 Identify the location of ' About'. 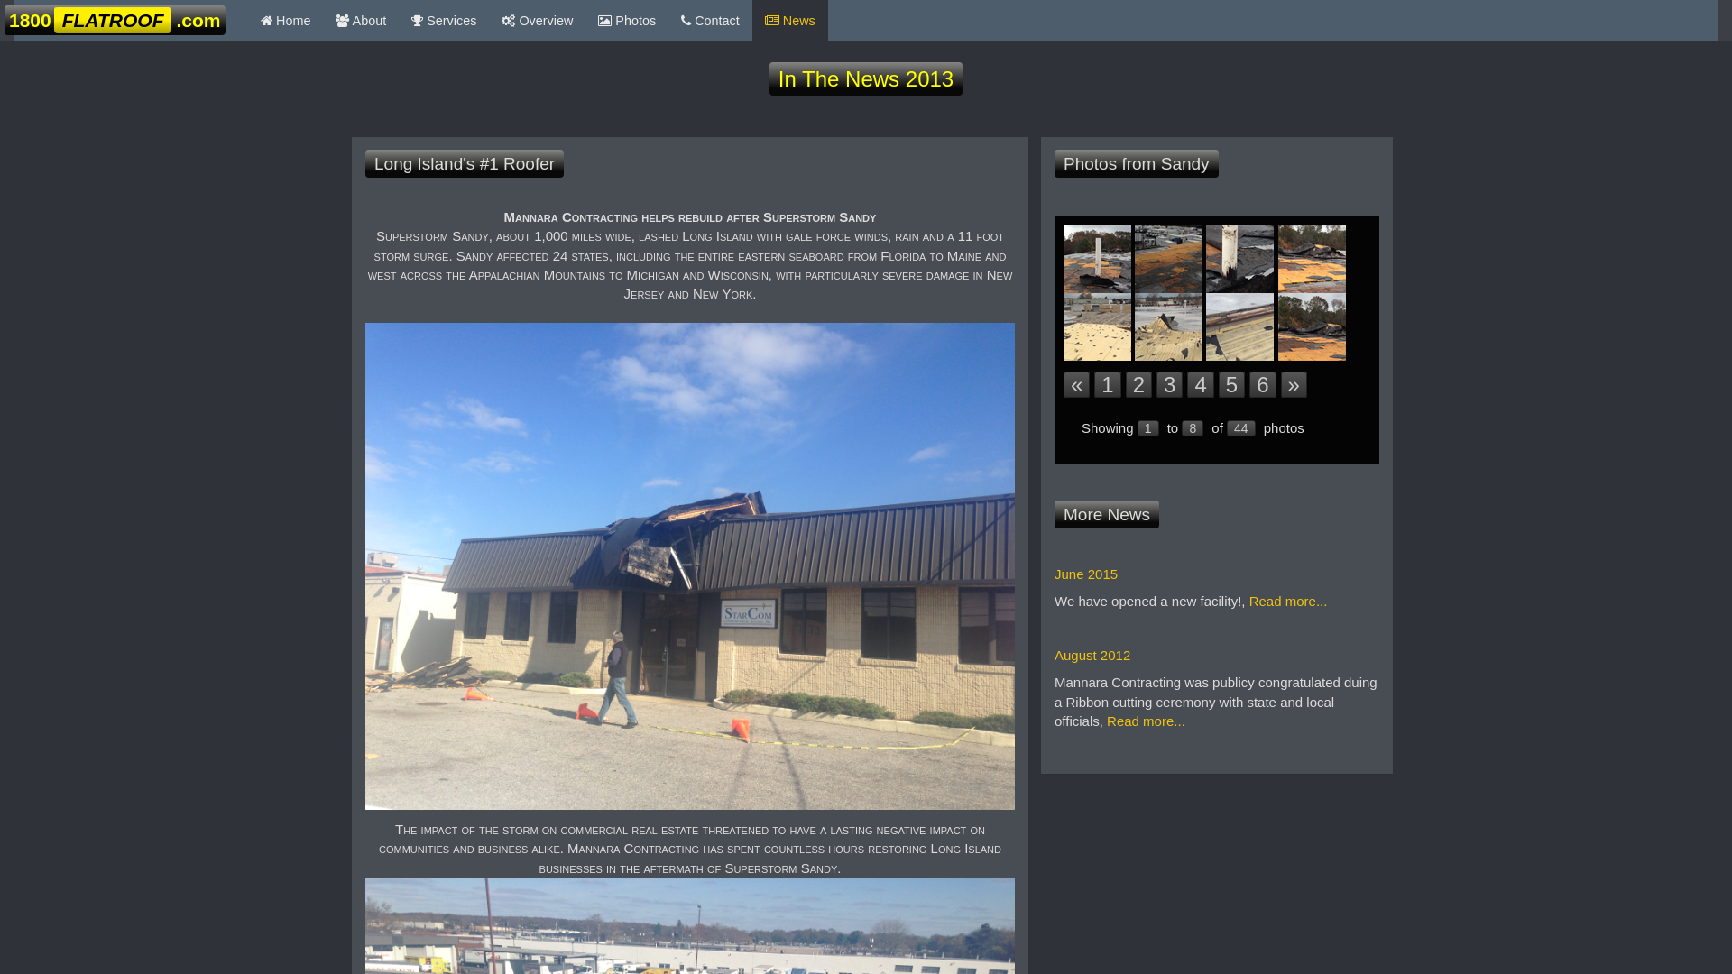
(360, 21).